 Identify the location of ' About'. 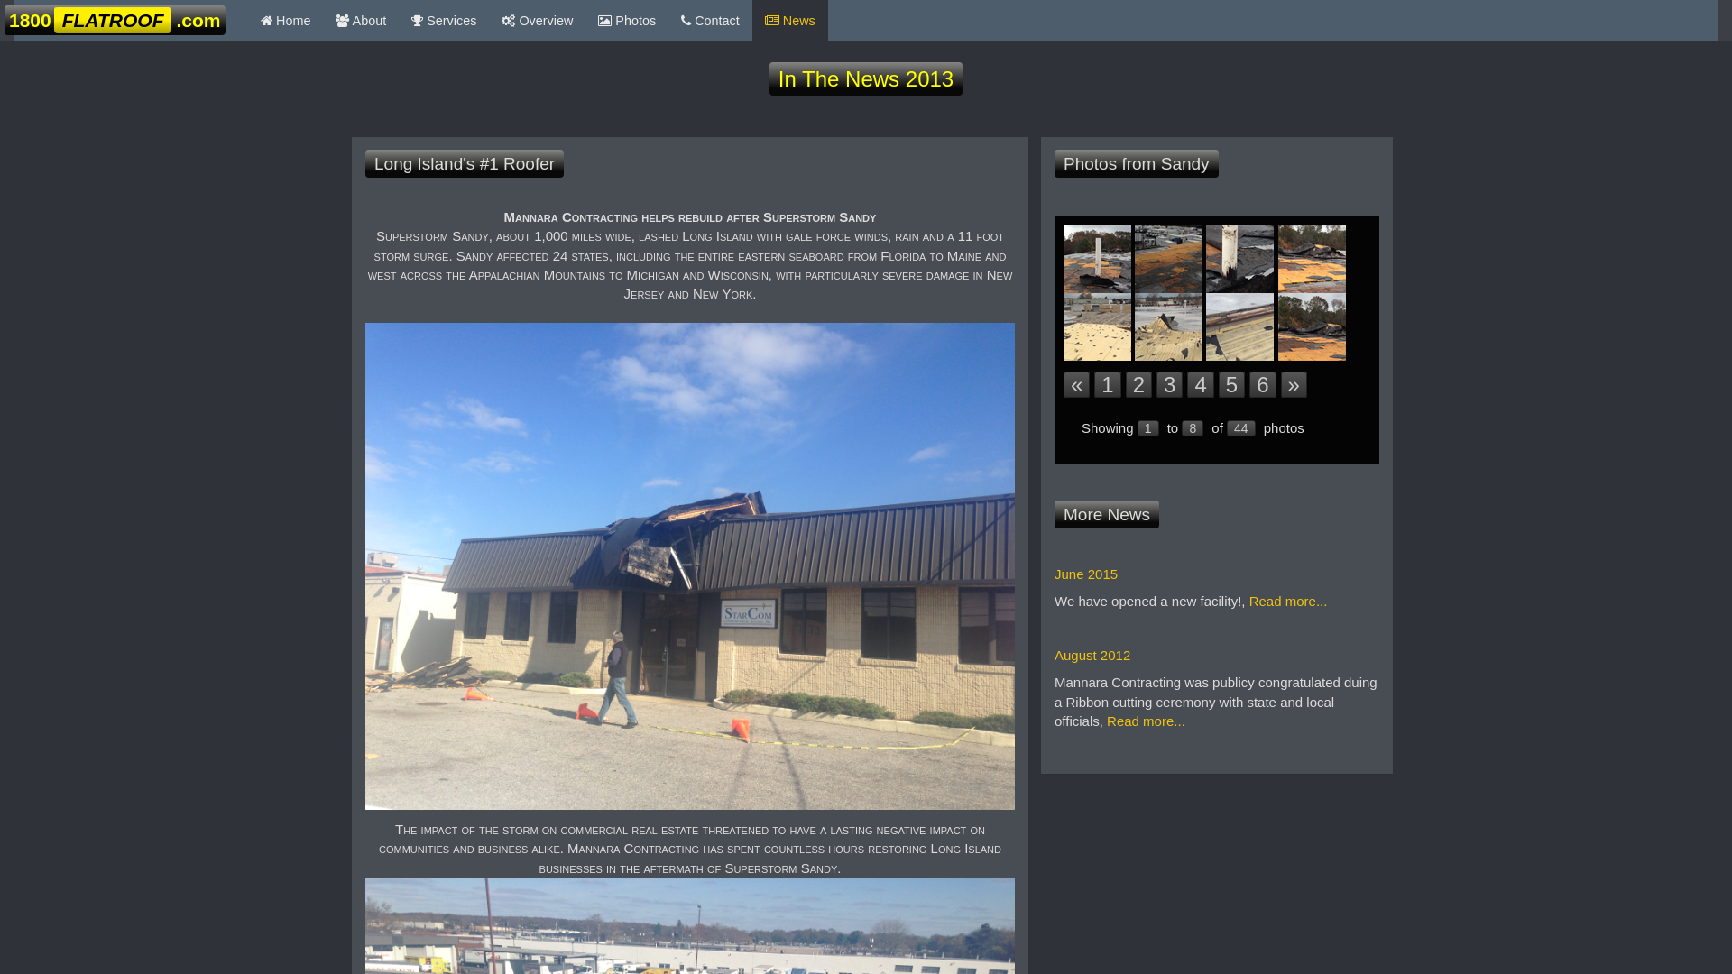
(360, 21).